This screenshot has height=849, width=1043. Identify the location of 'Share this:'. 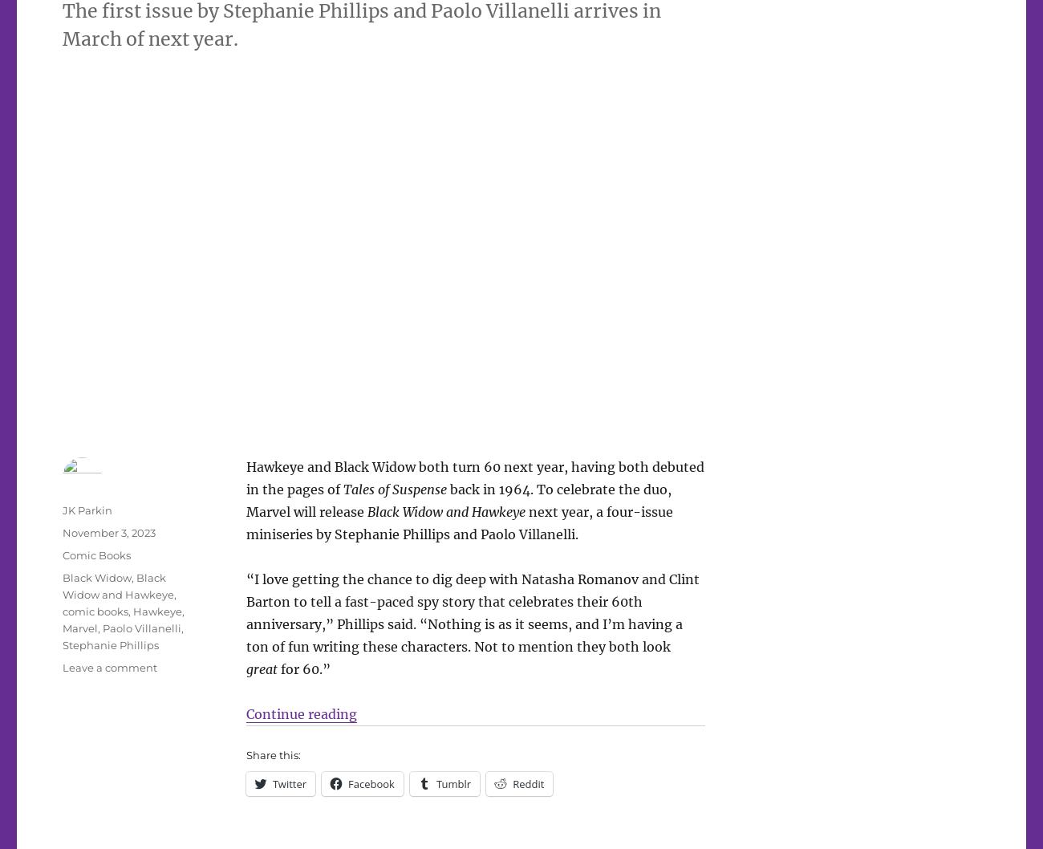
(271, 754).